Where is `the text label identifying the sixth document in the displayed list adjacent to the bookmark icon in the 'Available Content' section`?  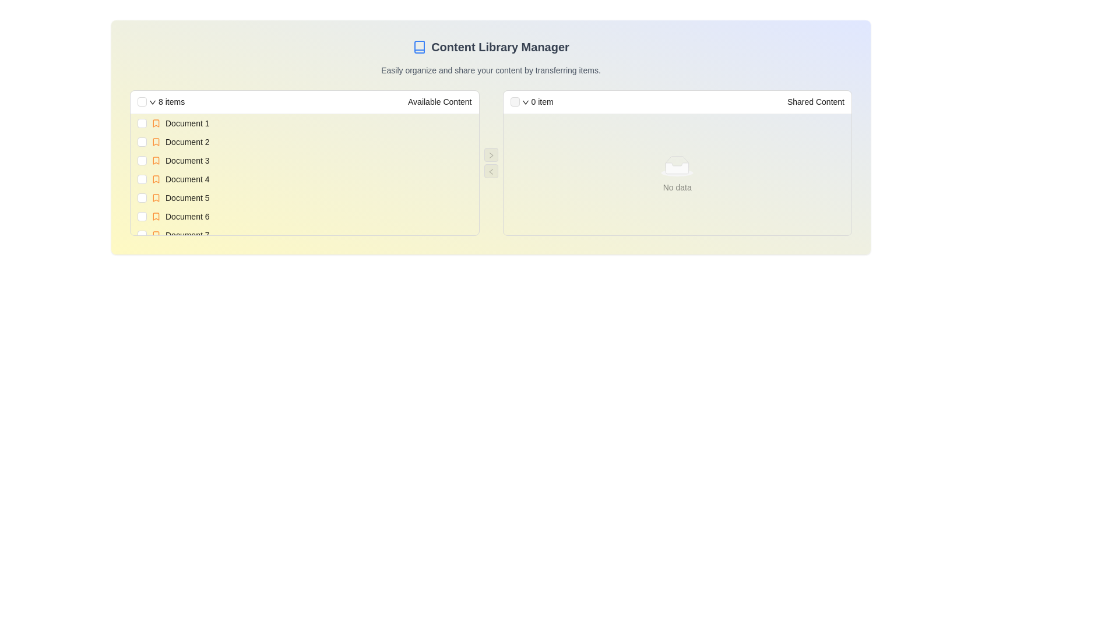
the text label identifying the sixth document in the displayed list adjacent to the bookmark icon in the 'Available Content' section is located at coordinates (187, 216).